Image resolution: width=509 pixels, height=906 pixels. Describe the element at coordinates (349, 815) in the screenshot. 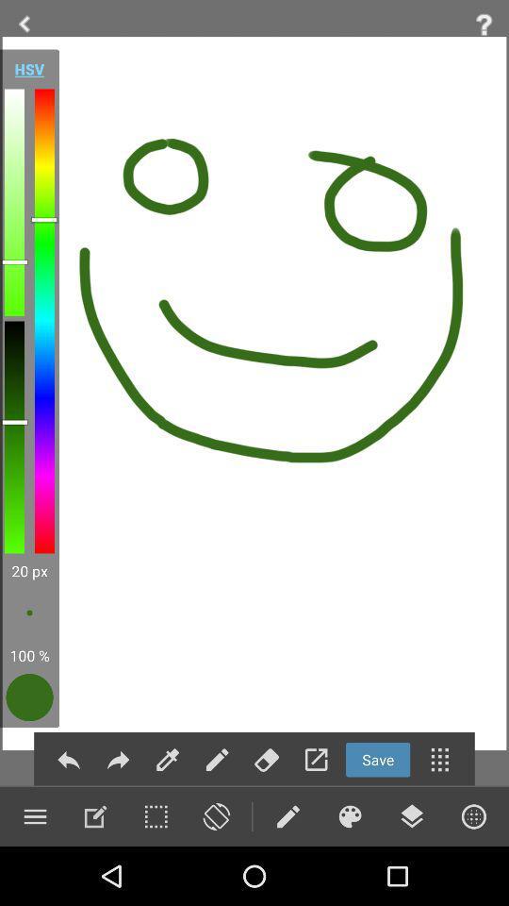

I see `pending` at that location.